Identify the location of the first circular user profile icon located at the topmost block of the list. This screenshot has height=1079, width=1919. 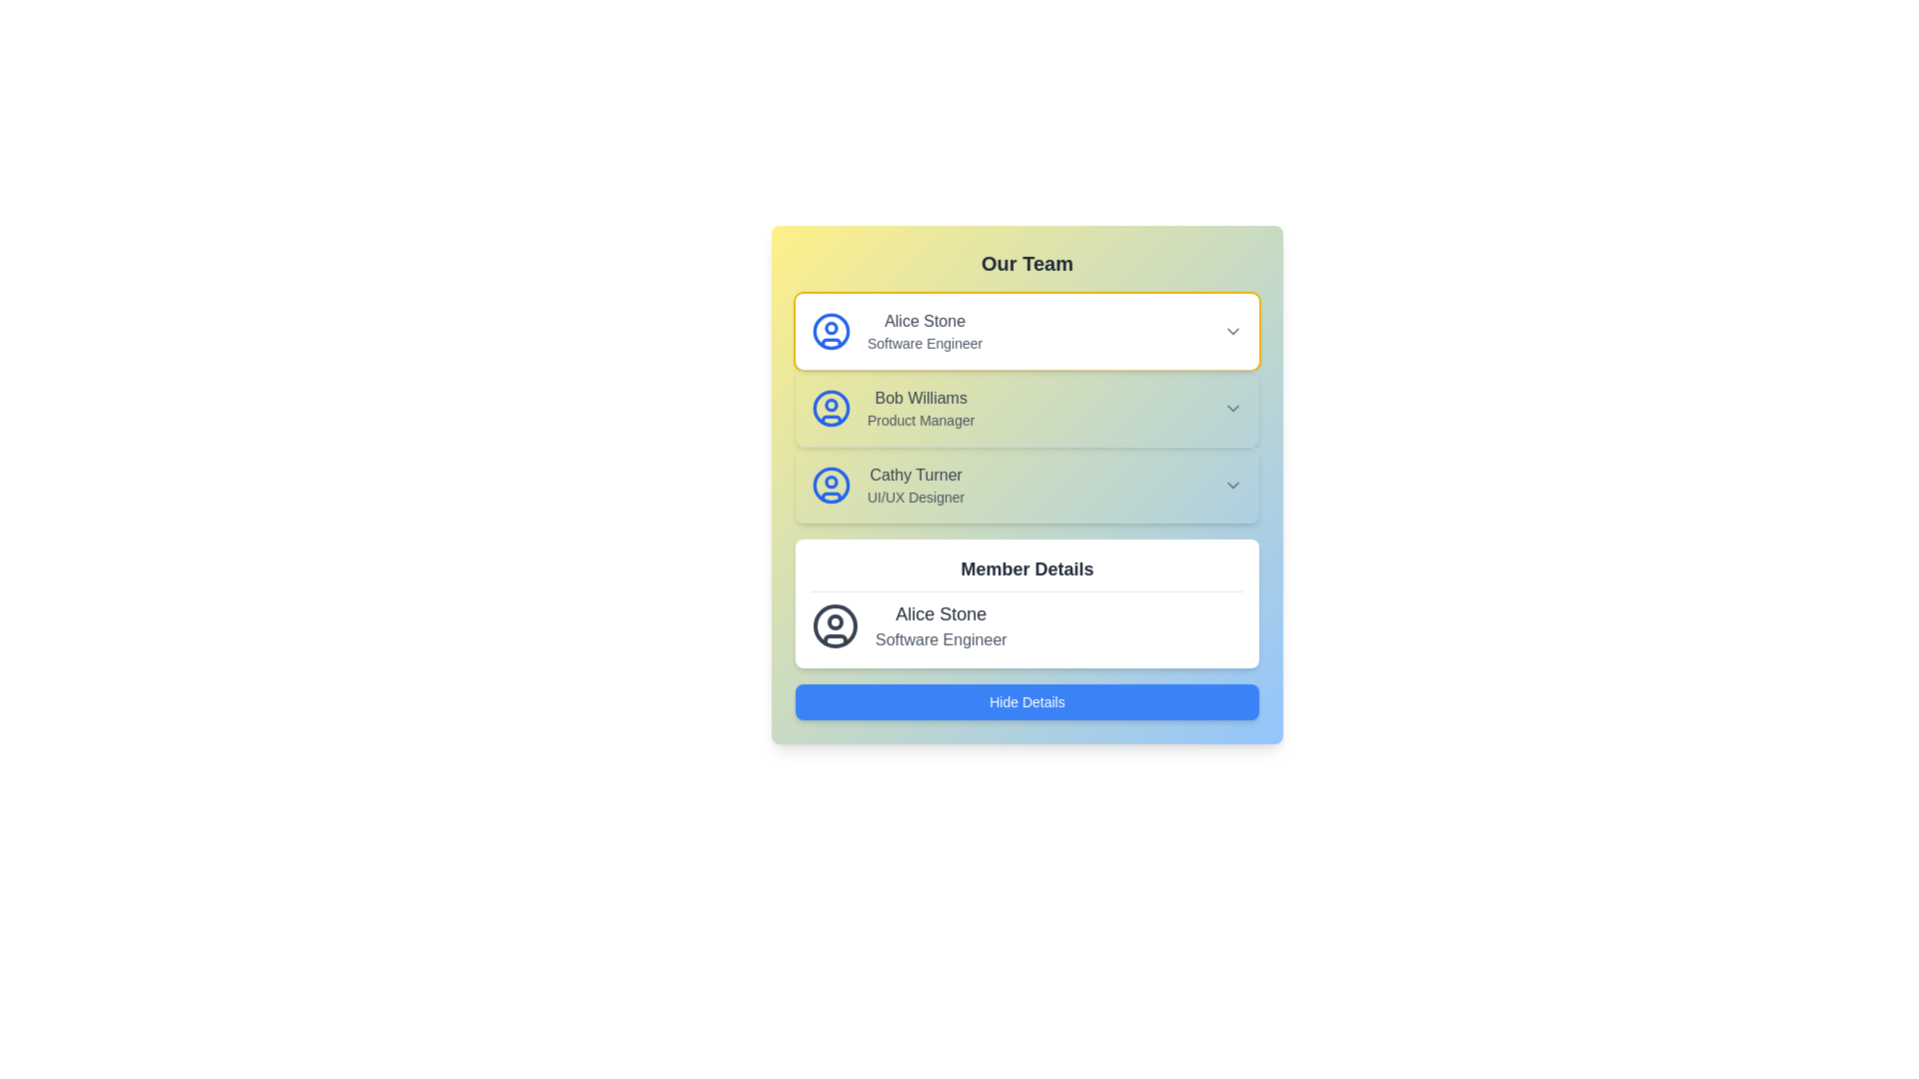
(831, 486).